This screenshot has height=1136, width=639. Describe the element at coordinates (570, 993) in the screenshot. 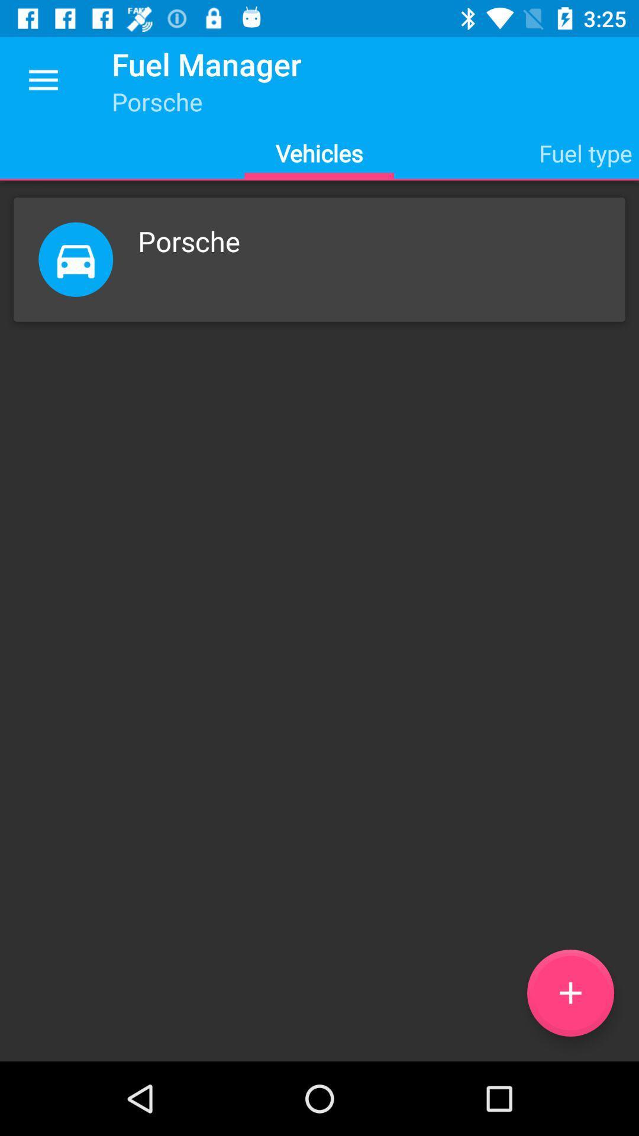

I see `another element` at that location.